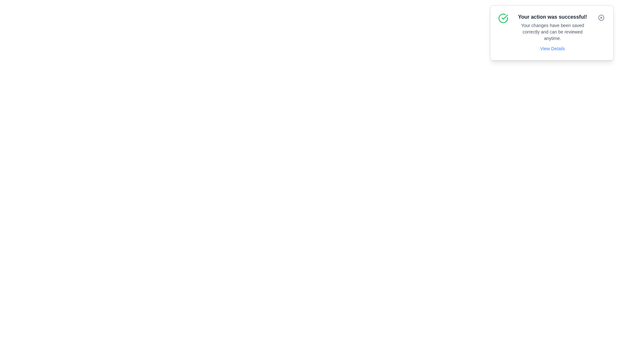 Image resolution: width=619 pixels, height=348 pixels. I want to click on the 'View Details' link to view additional information, so click(552, 48).